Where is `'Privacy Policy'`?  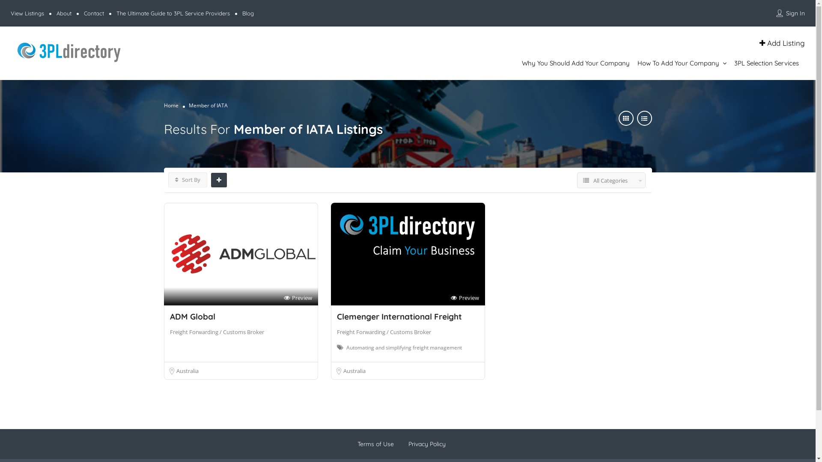
'Privacy Policy' is located at coordinates (427, 443).